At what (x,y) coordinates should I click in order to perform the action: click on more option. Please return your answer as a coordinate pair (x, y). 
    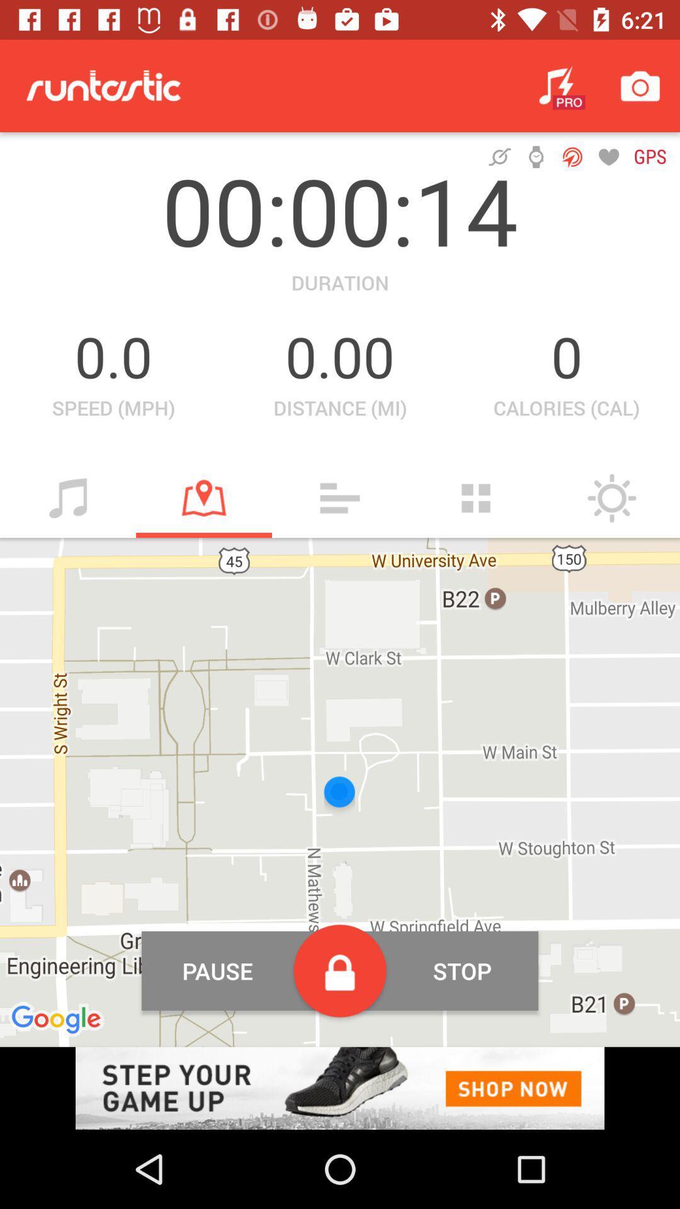
    Looking at the image, I should click on (476, 497).